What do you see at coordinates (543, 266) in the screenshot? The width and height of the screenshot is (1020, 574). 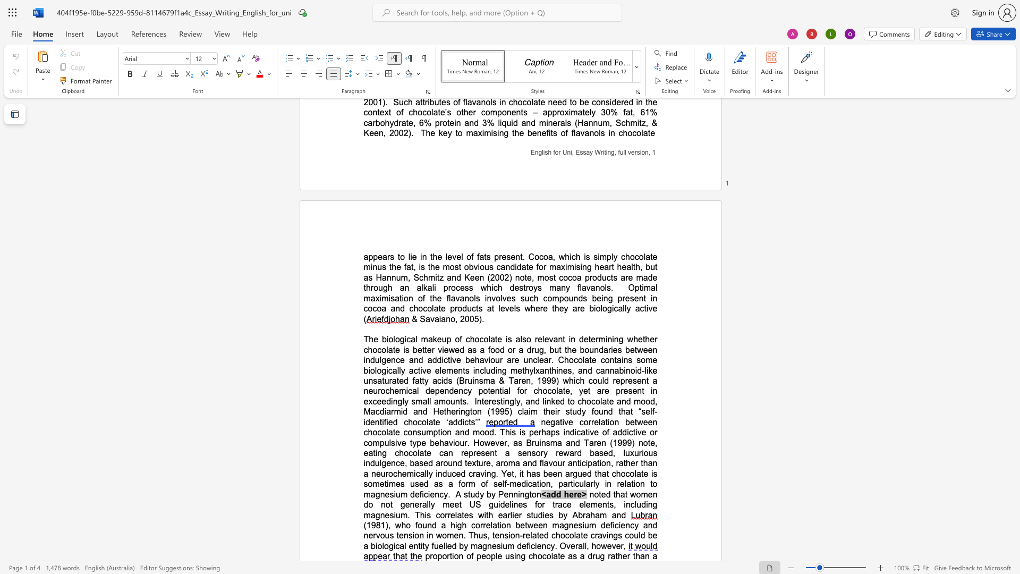 I see `the space between the continuous character "o" and "r" in the text` at bounding box center [543, 266].